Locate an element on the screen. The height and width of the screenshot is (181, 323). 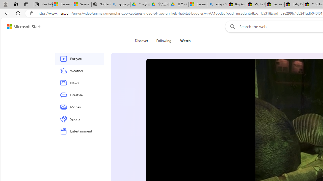
'guge yunpan - Search' is located at coordinates (120, 4).